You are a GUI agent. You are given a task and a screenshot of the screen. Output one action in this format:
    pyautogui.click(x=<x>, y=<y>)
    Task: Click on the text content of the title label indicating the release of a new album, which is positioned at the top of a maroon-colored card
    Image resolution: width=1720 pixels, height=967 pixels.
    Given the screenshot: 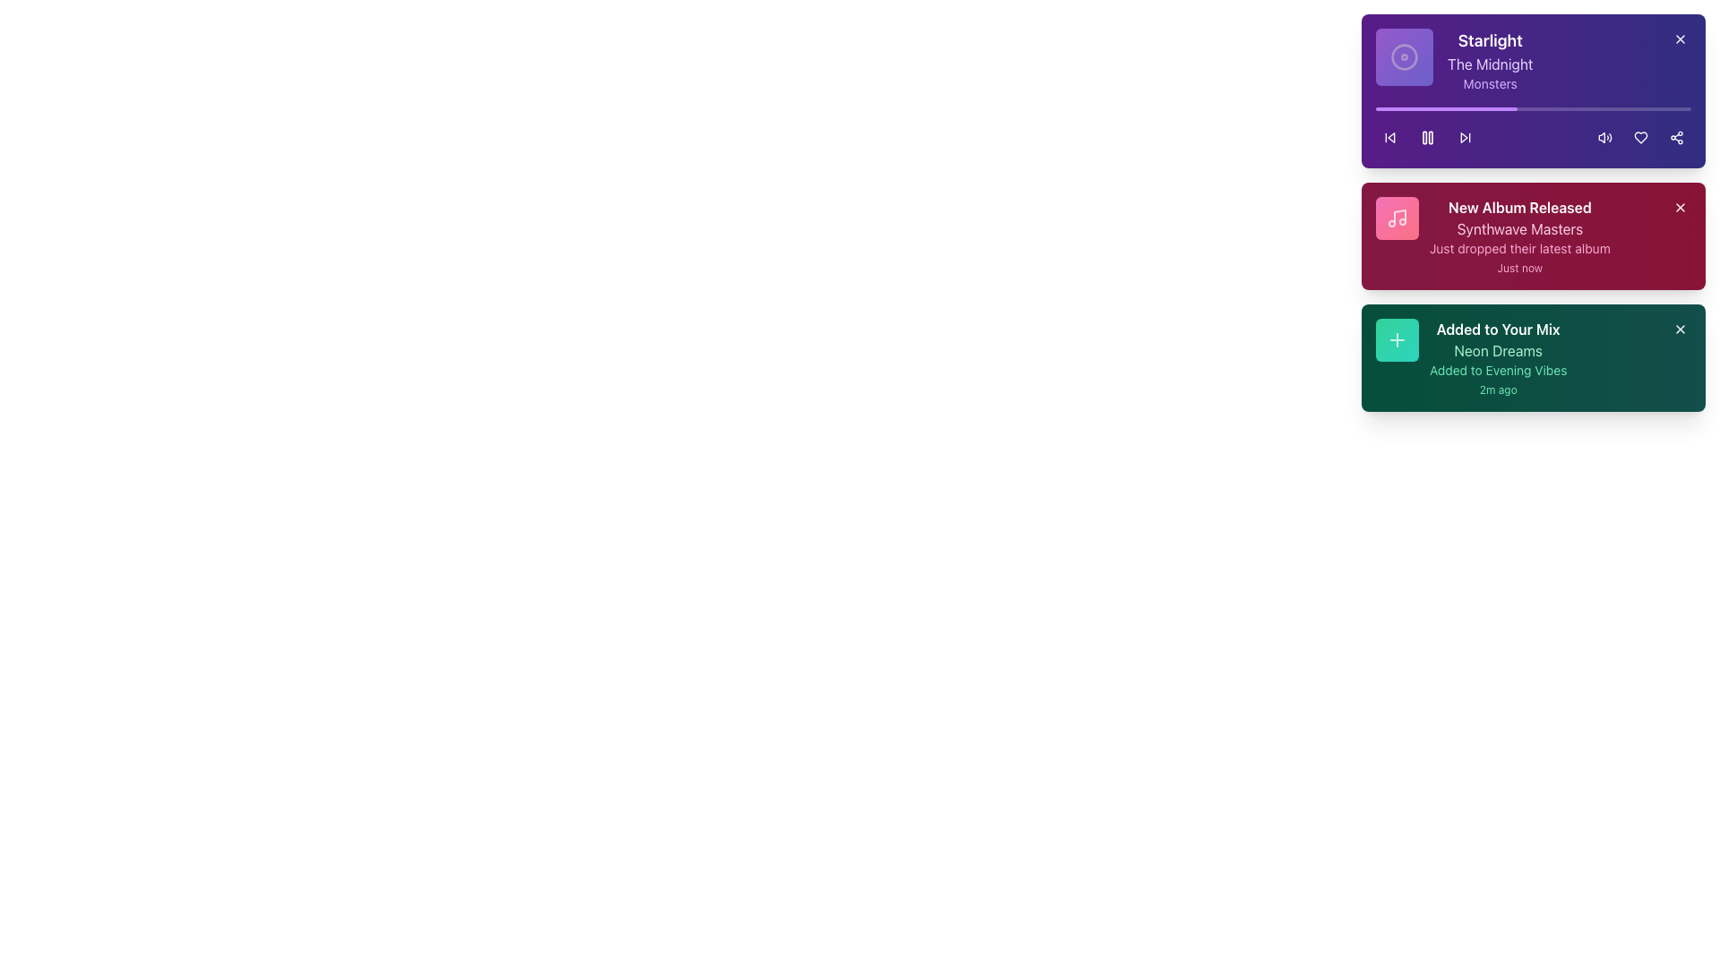 What is the action you would take?
    pyautogui.click(x=1518, y=206)
    